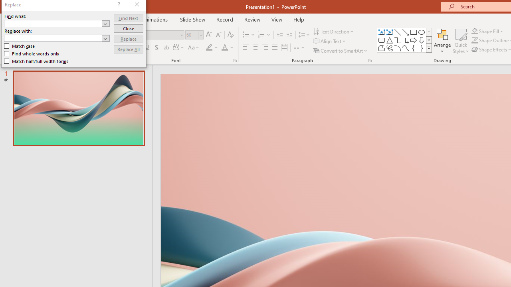  I want to click on 'Replace All', so click(128, 49).